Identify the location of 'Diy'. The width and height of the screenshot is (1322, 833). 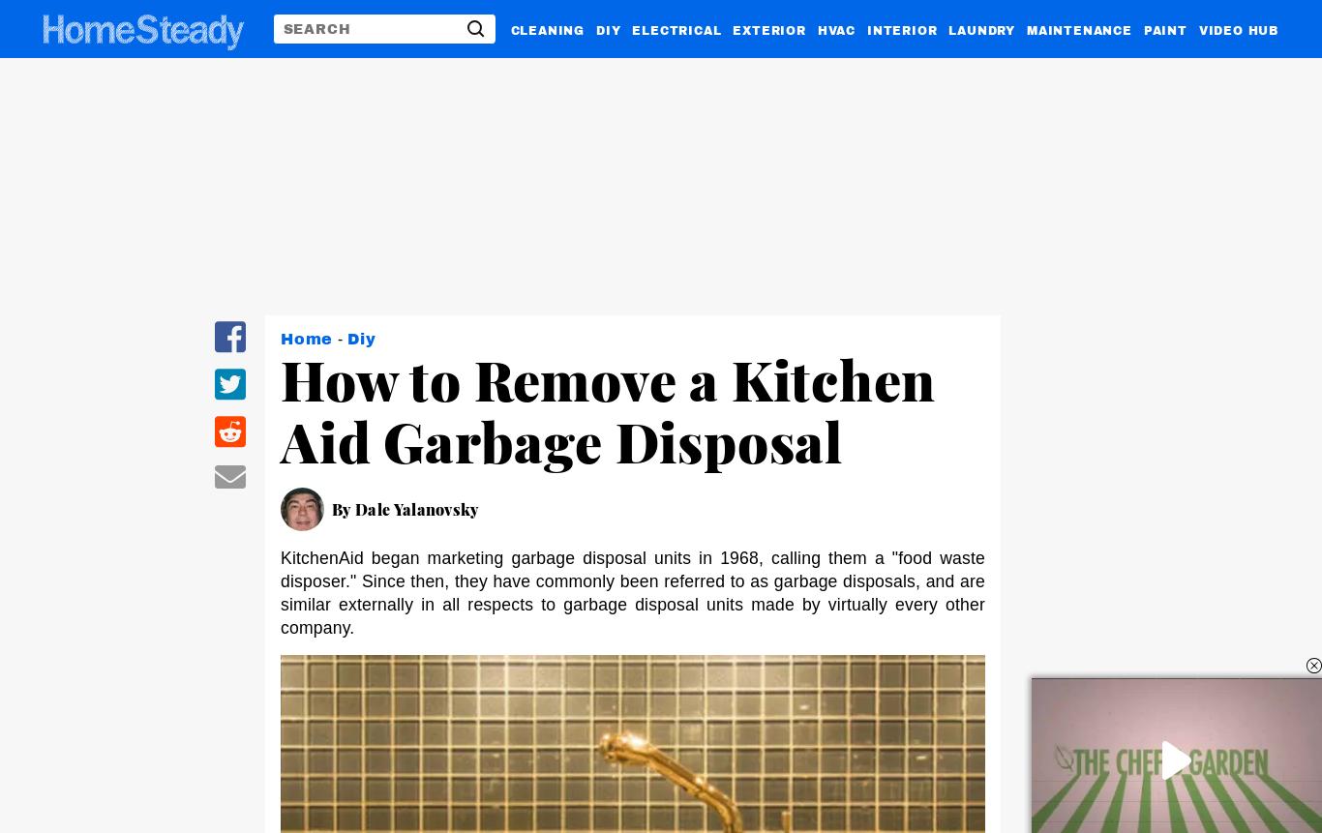
(360, 338).